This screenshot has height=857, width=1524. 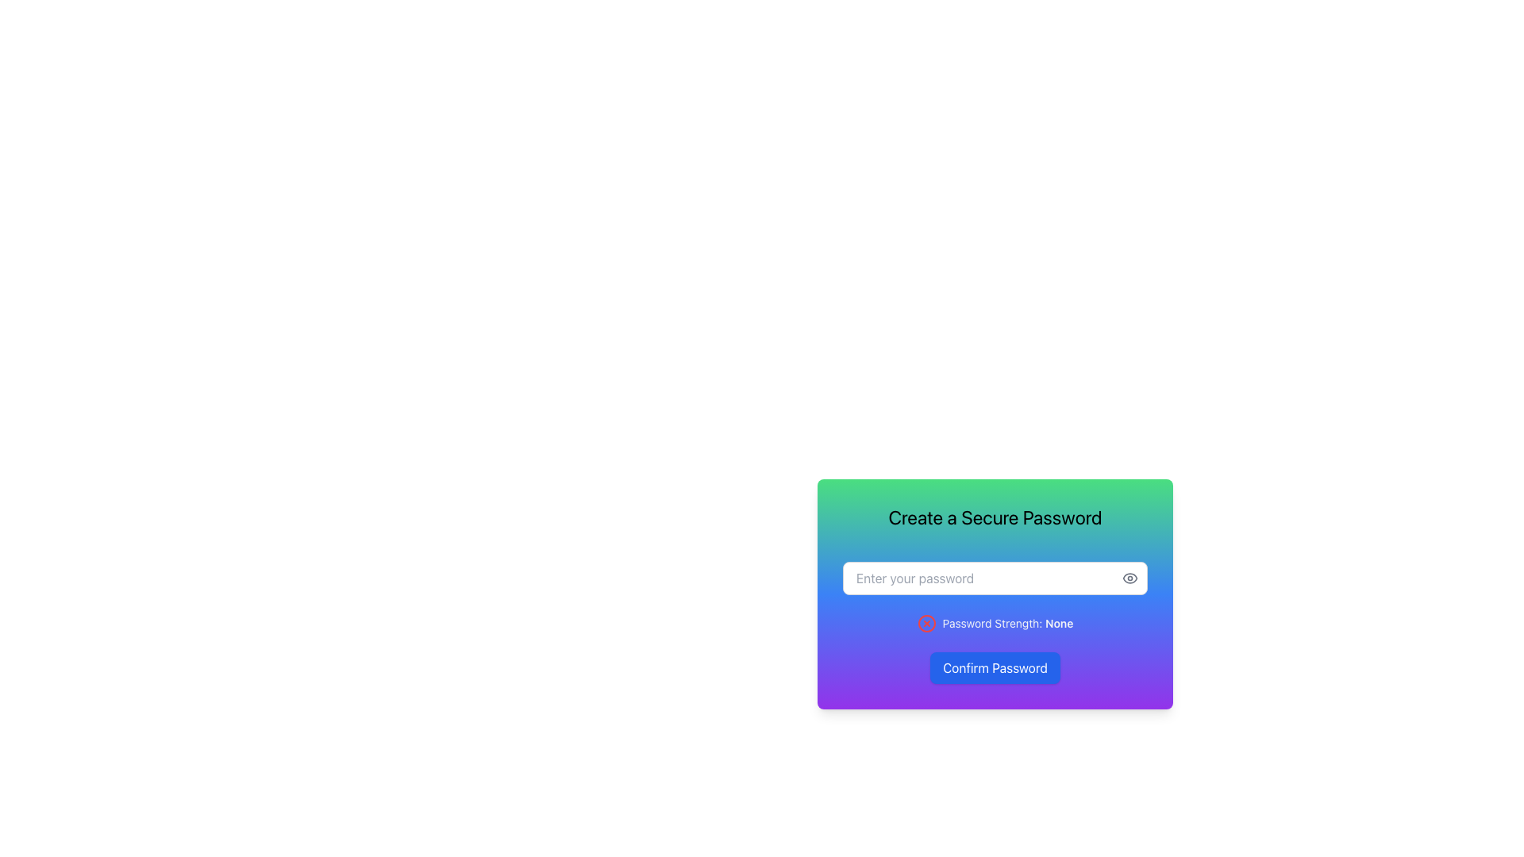 What do you see at coordinates (926, 623) in the screenshot?
I see `the red-themed warning icon indicating password strength next to the text 'Password Strength: None' located below the password input field` at bounding box center [926, 623].